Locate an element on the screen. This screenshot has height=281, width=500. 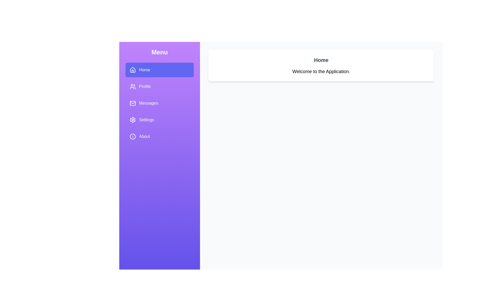
the 'Profile' text label in the side navigation bar is located at coordinates (145, 86).